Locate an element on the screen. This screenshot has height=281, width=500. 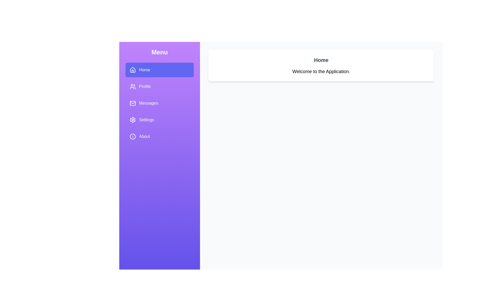
the 'Profile' text label in the side navigation bar is located at coordinates (145, 86).